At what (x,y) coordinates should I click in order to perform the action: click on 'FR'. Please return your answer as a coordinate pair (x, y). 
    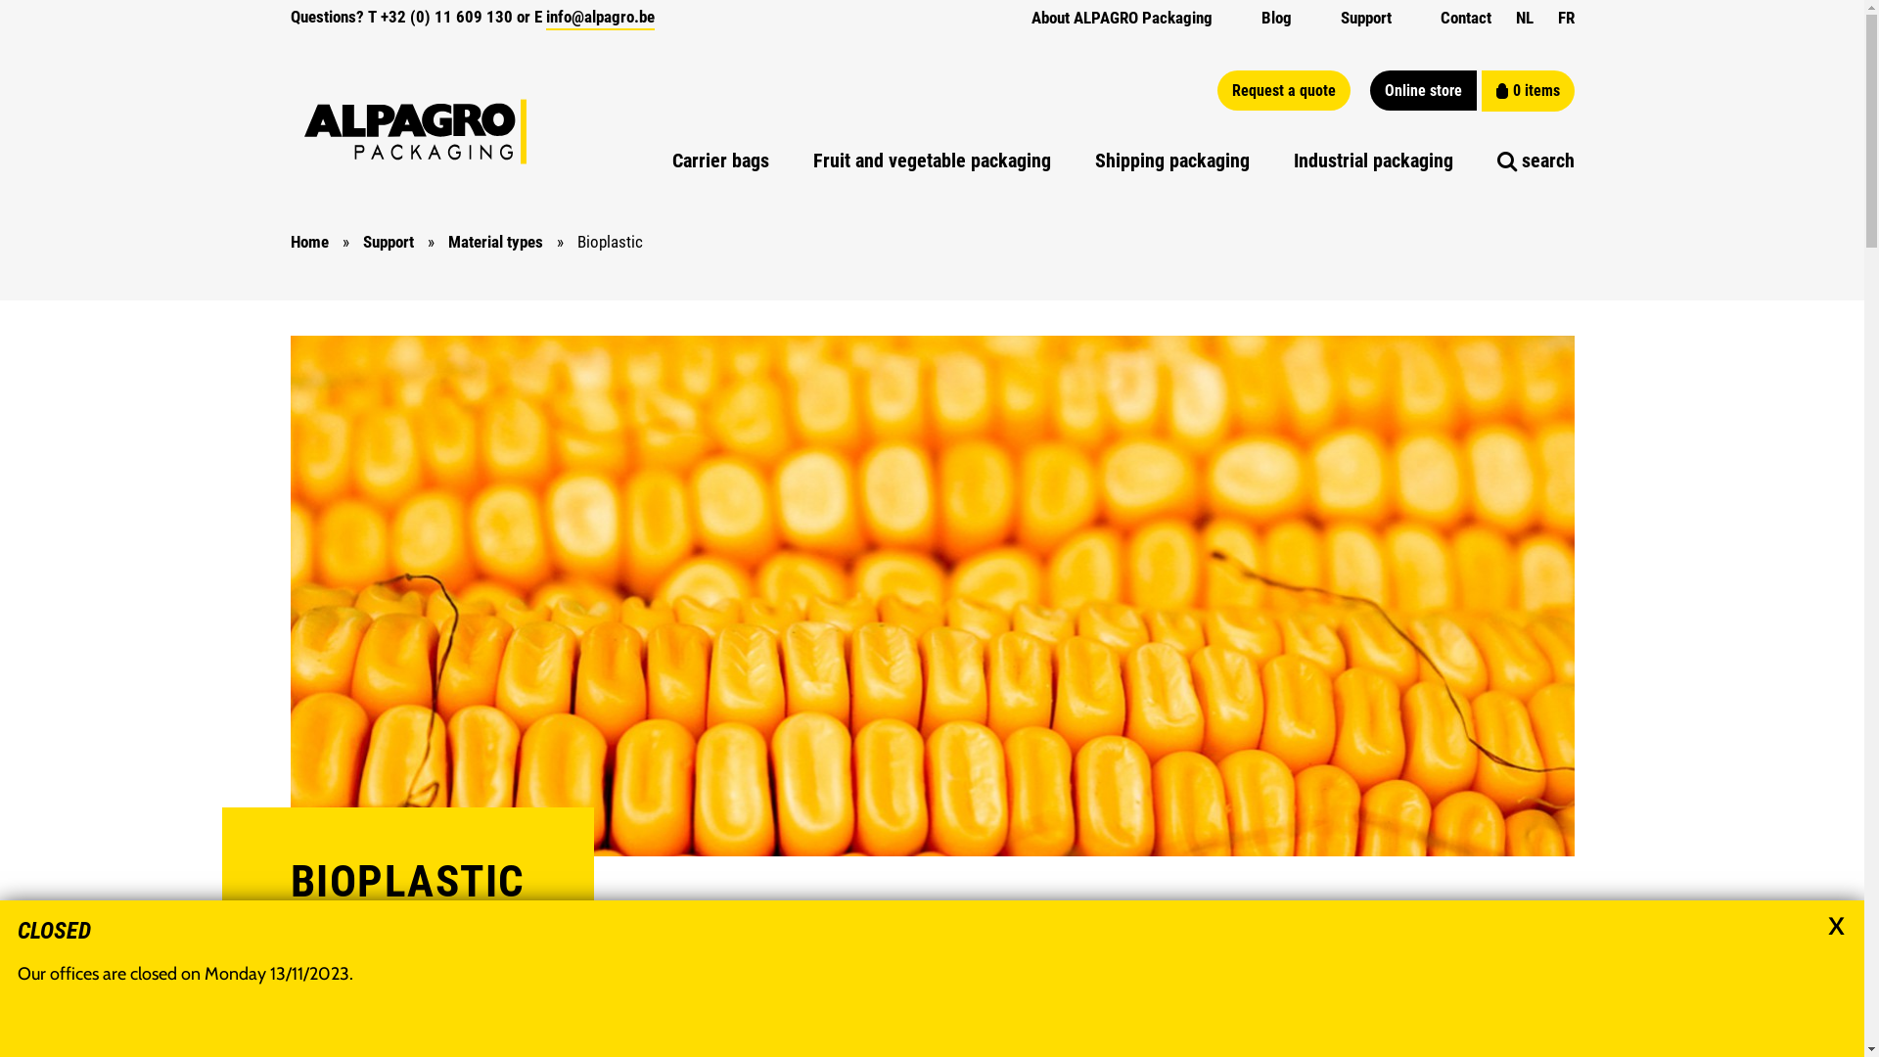
    Looking at the image, I should click on (1566, 18).